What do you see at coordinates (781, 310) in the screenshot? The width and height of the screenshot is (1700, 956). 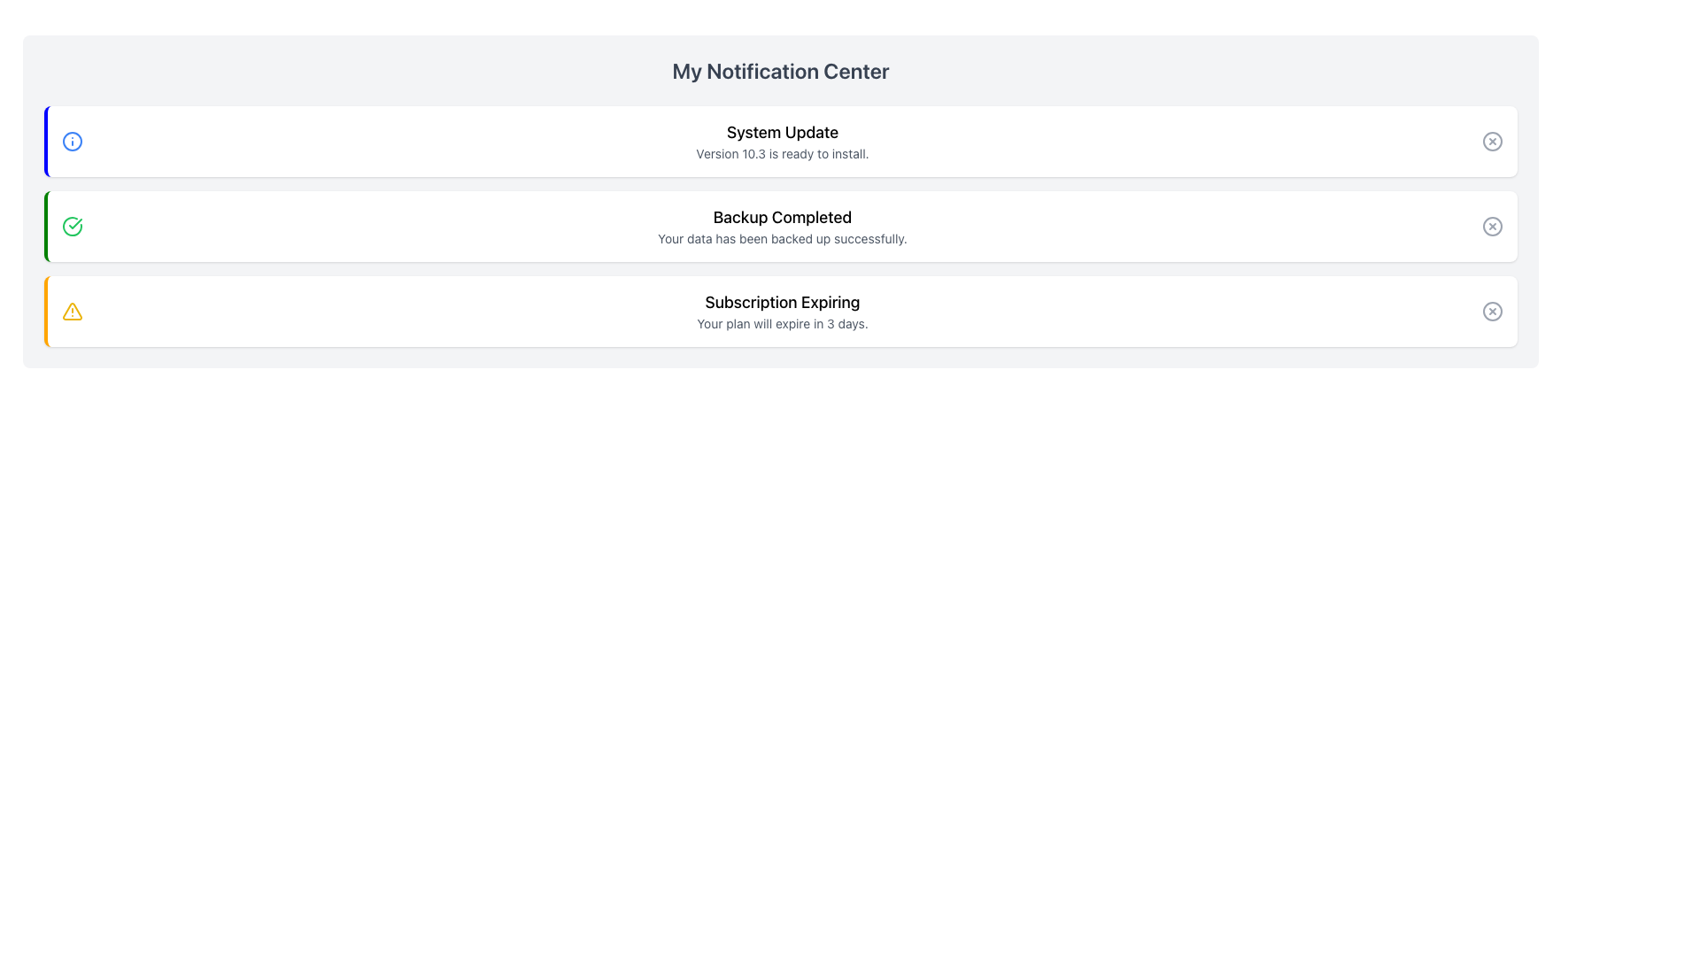 I see `warning notification text block located in the third notification card from the top, just below the 'Backup Completed' card` at bounding box center [781, 310].